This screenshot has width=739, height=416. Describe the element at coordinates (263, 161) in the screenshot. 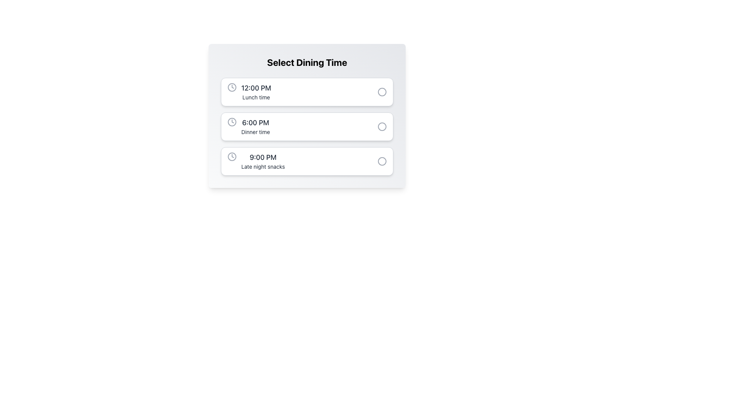

I see `to select the third time option for scheduling late-night snacks, which is represented by a text display element` at that location.